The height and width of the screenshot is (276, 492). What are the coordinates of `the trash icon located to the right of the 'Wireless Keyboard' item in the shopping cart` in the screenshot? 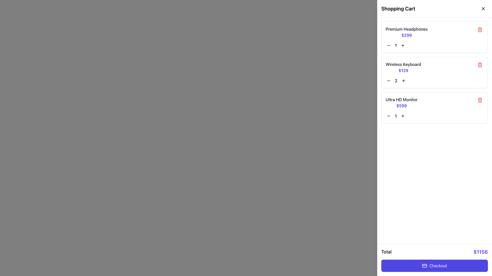 It's located at (479, 65).